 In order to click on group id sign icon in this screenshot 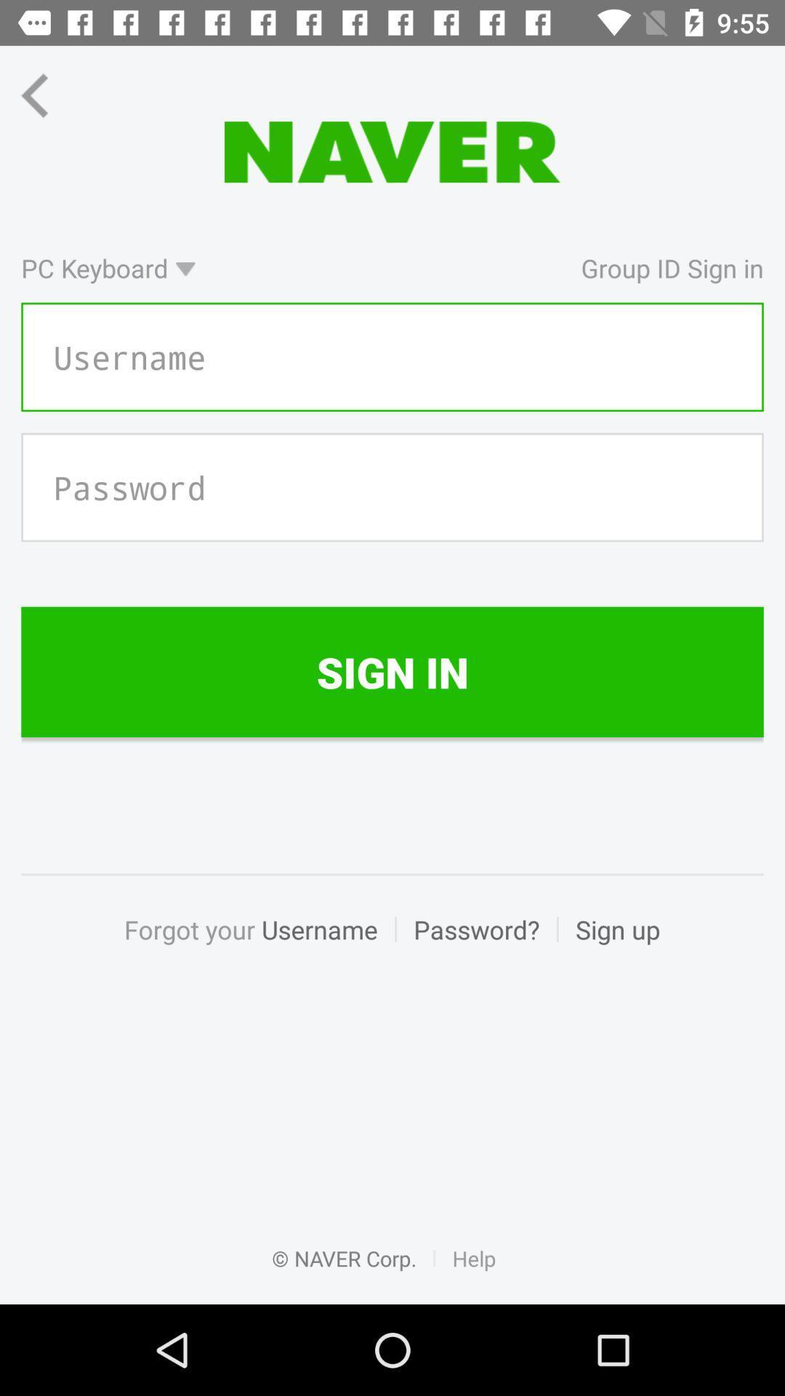, I will do `click(488, 268)`.